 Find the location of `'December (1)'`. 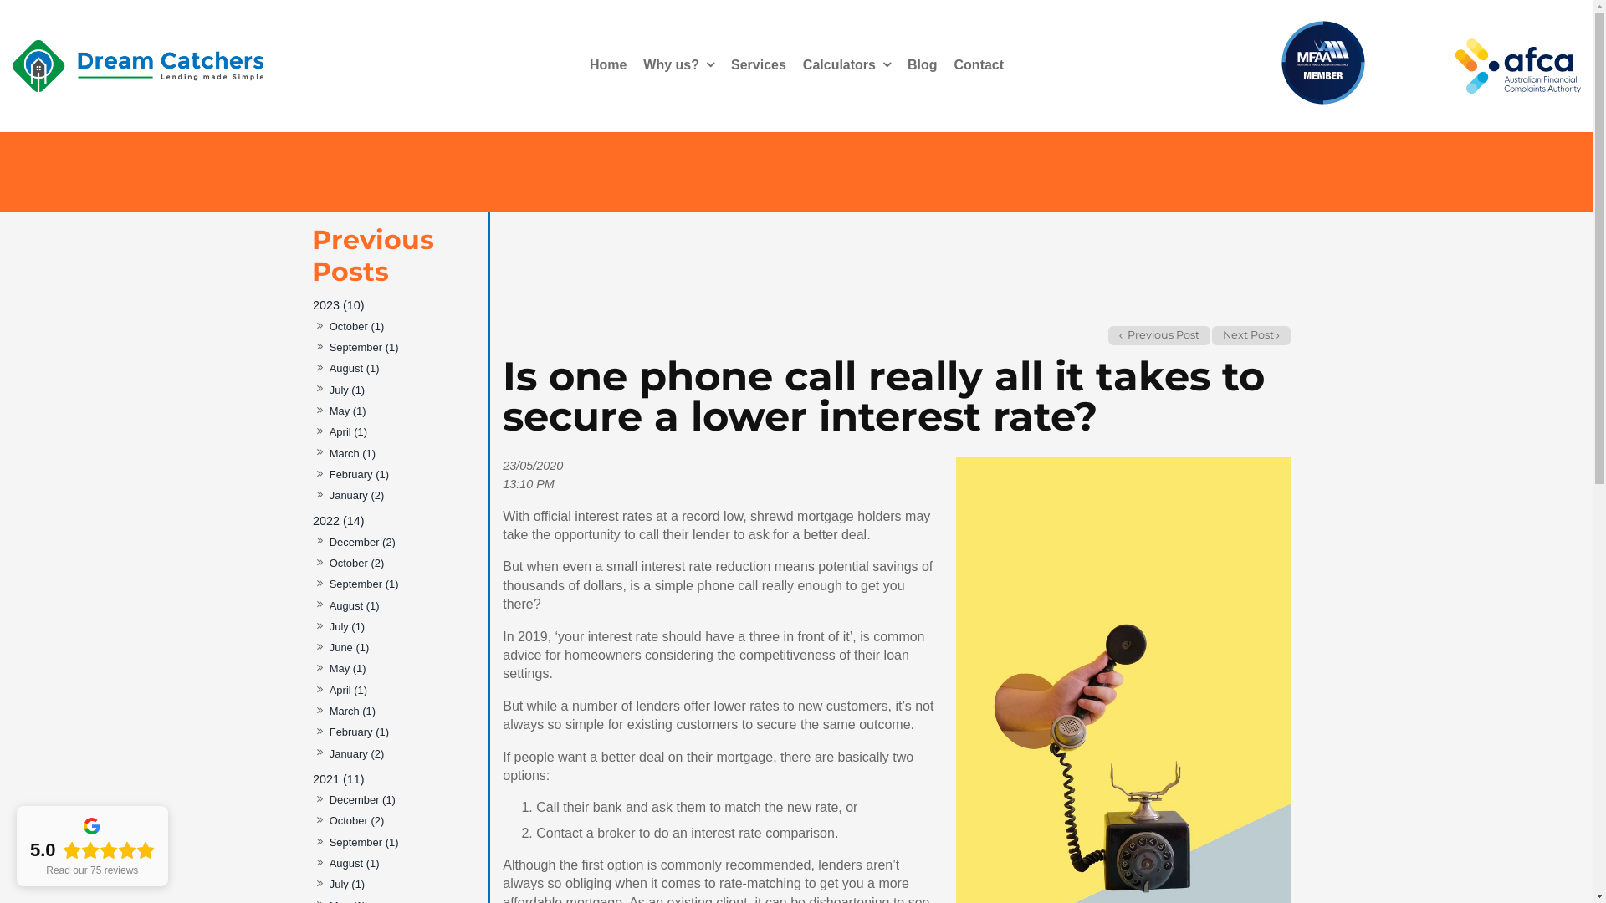

'December (1)' is located at coordinates (361, 799).